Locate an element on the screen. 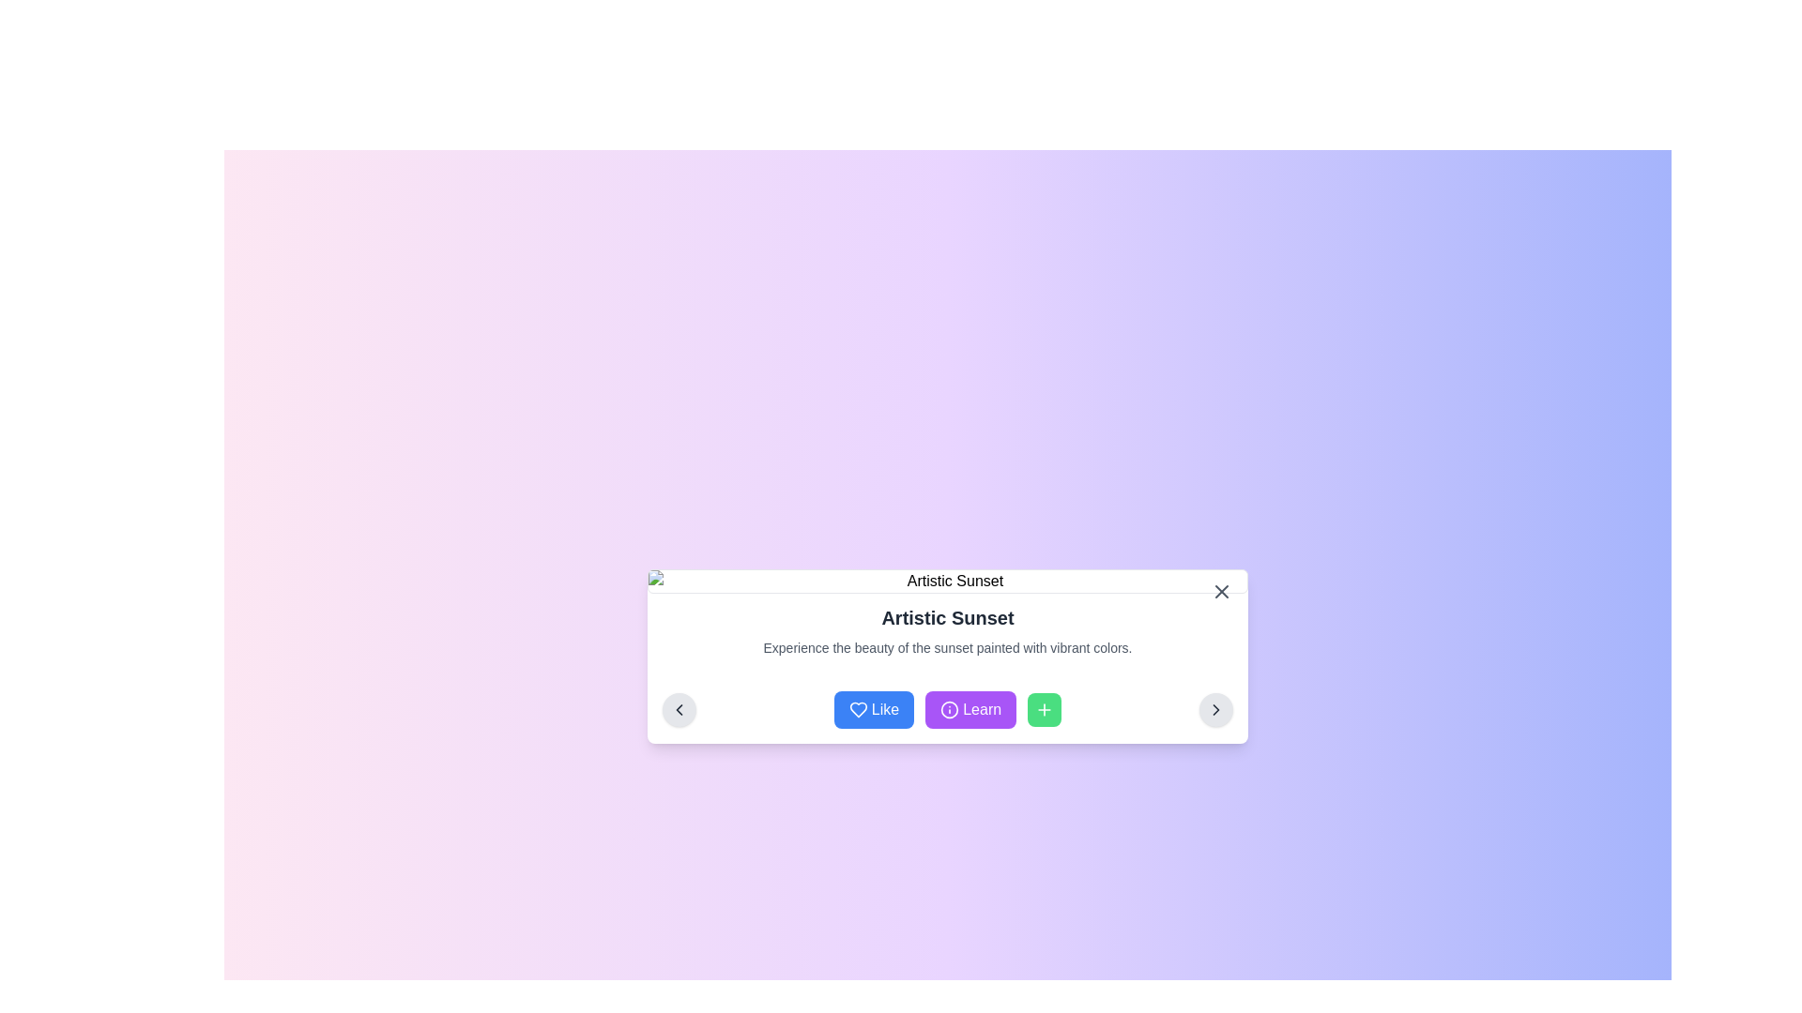 The image size is (1802, 1013). the 'Like' button, which is visually complemented by an icon aligned to the left of the text within the button is located at coordinates (857, 709).